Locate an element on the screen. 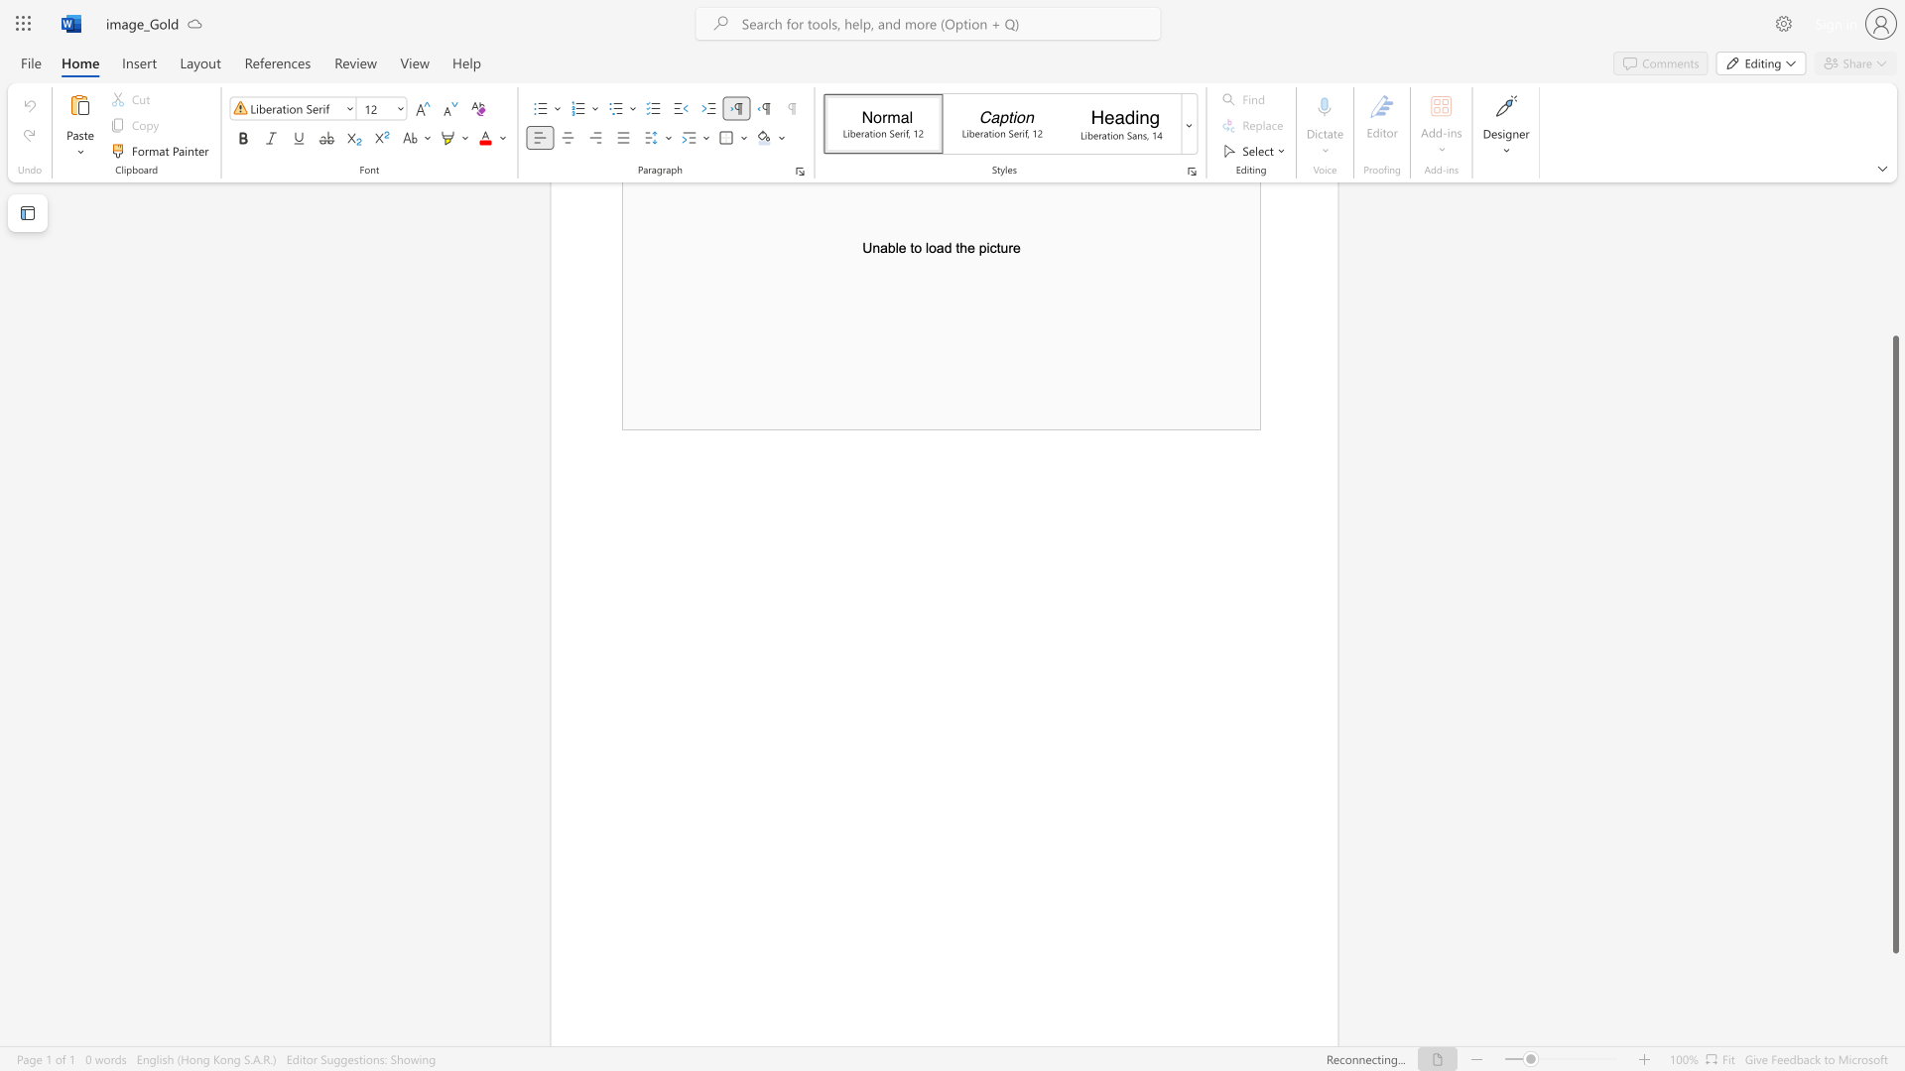  the scrollbar to move the content higher is located at coordinates (1894, 256).